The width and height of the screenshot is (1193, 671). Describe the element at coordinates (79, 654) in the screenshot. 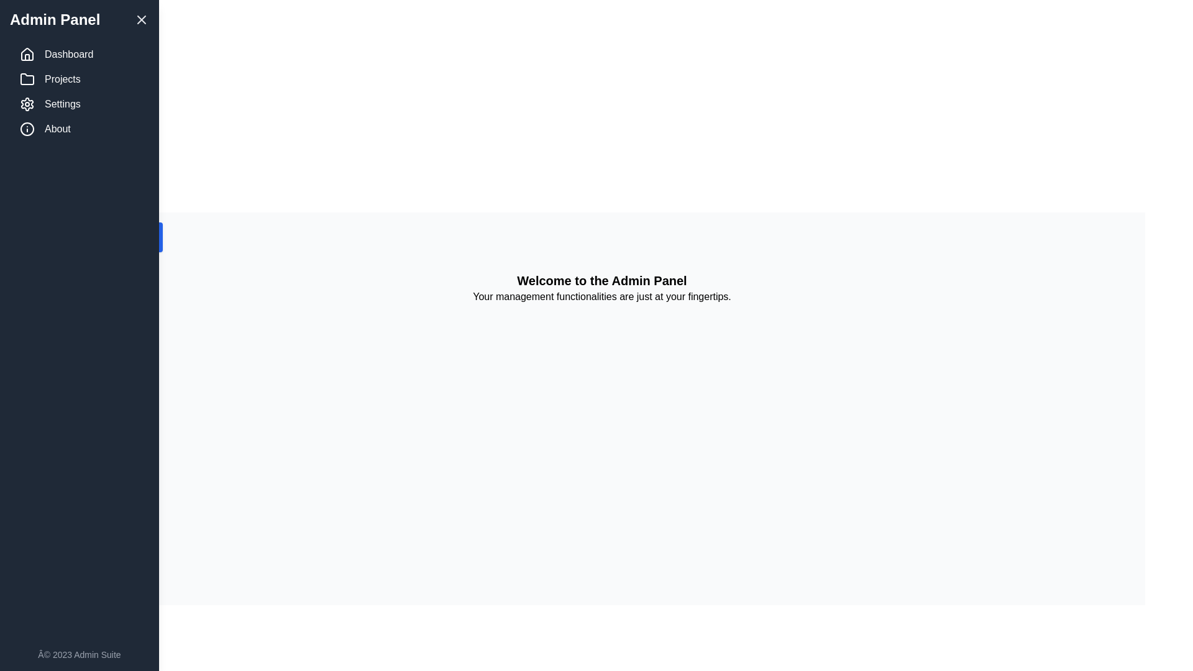

I see `the informational Text Label located at the bottom of the left sidebar, which provides copyright notice or branding information` at that location.